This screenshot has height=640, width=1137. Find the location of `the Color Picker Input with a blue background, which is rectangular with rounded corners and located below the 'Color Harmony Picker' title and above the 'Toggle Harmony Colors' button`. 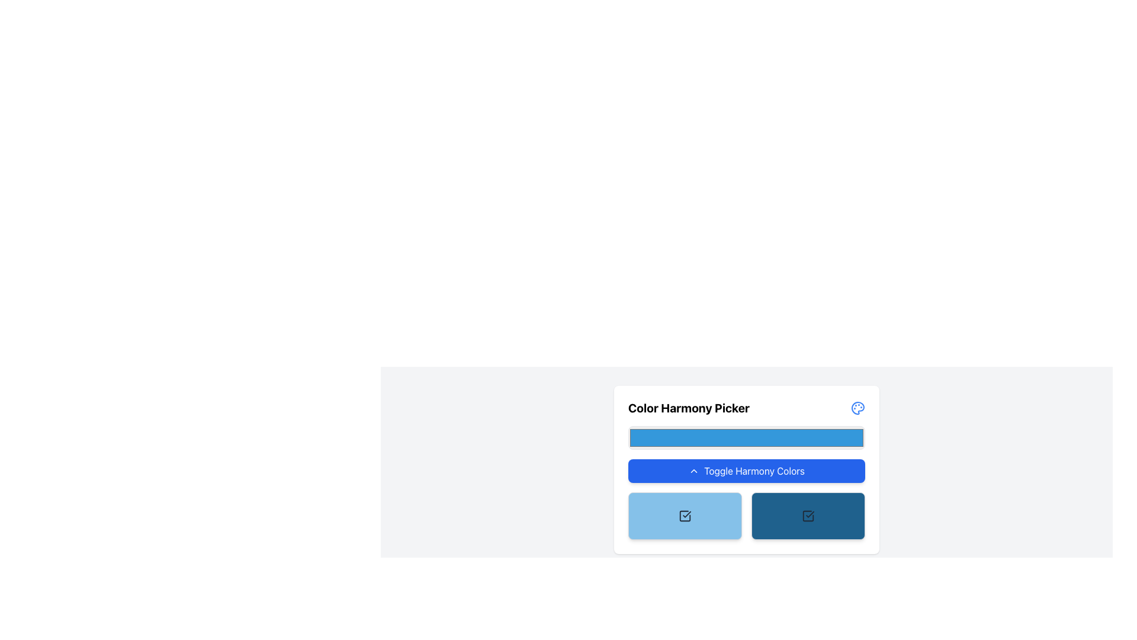

the Color Picker Input with a blue background, which is rectangular with rounded corners and located below the 'Color Harmony Picker' title and above the 'Toggle Harmony Colors' button is located at coordinates (746, 438).